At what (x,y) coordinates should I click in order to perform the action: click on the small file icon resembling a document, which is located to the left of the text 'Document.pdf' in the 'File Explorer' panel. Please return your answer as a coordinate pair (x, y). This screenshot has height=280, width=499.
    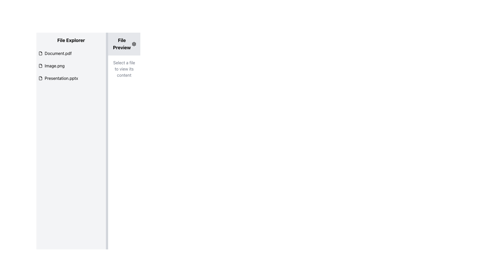
    Looking at the image, I should click on (40, 53).